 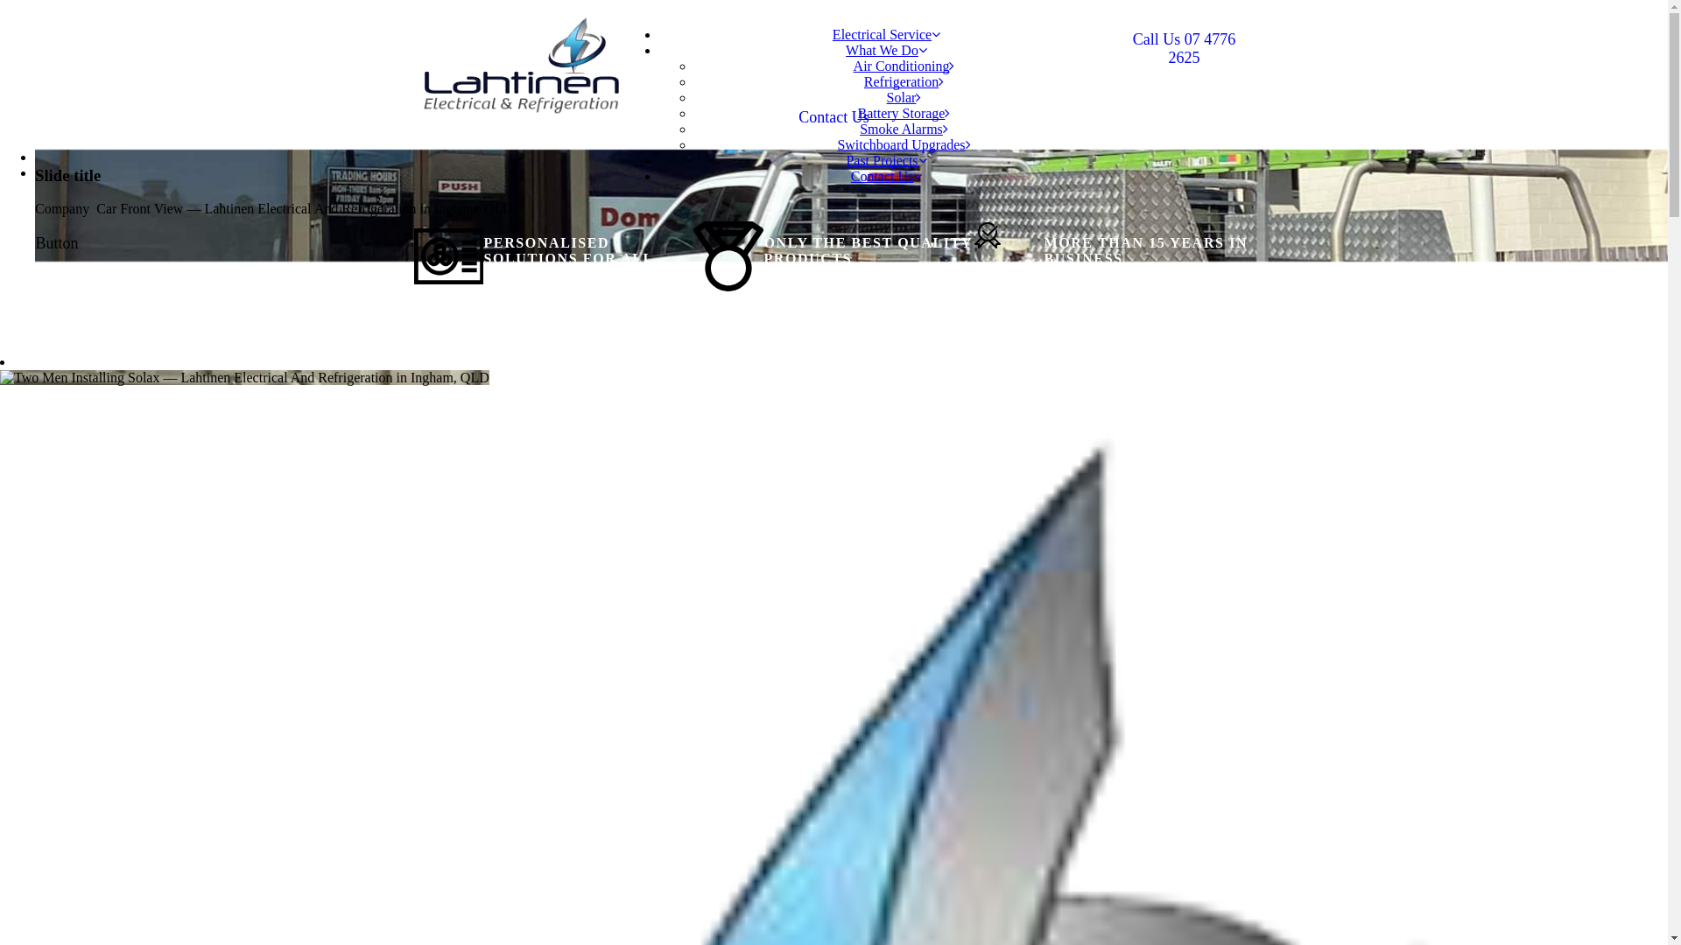 What do you see at coordinates (904, 128) in the screenshot?
I see `'Smoke Alarms'` at bounding box center [904, 128].